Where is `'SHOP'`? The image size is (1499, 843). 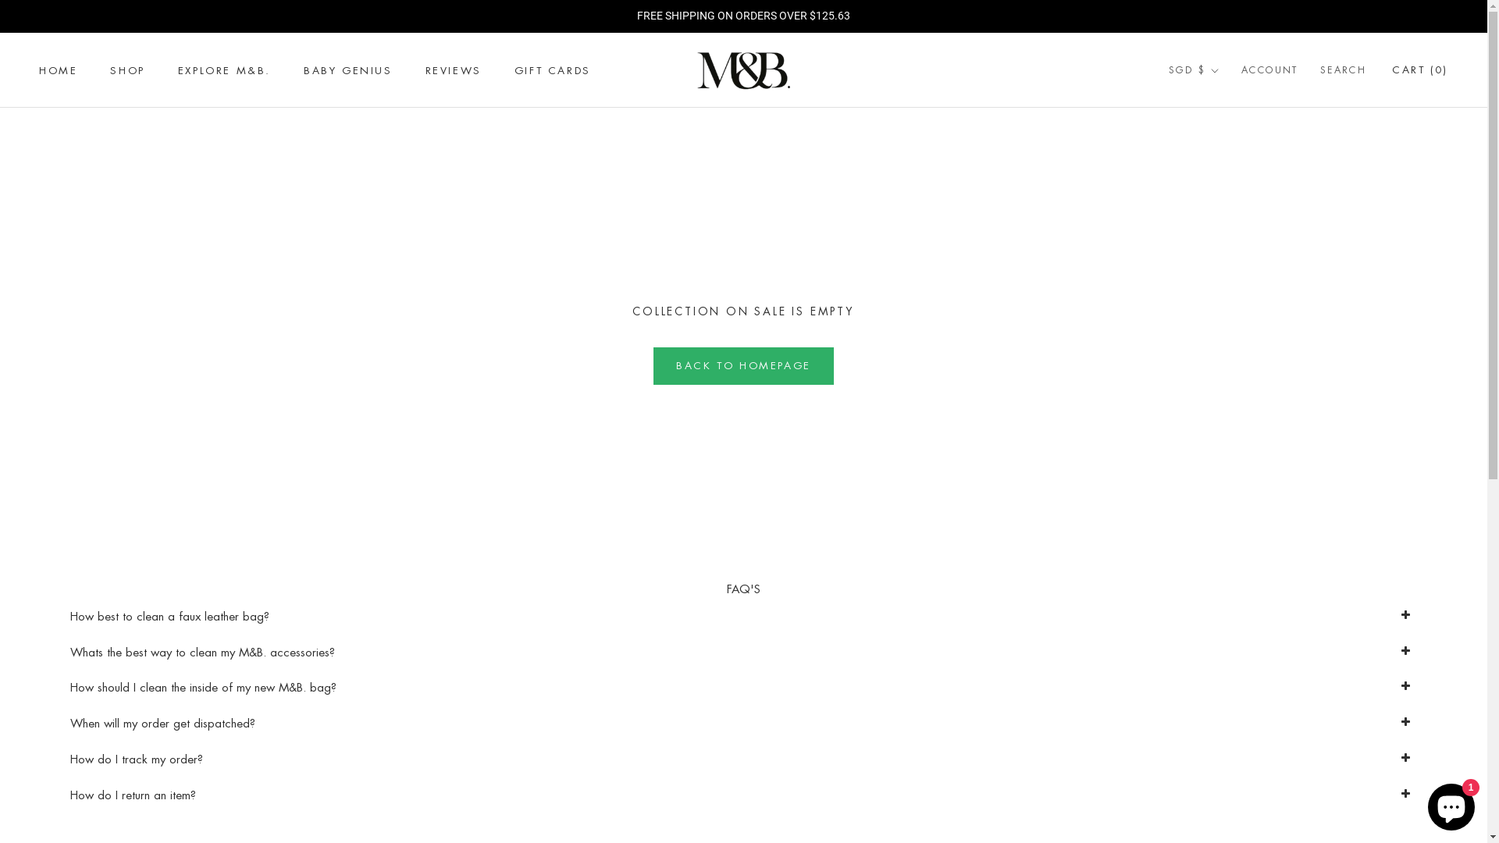
'SHOP' is located at coordinates (127, 70).